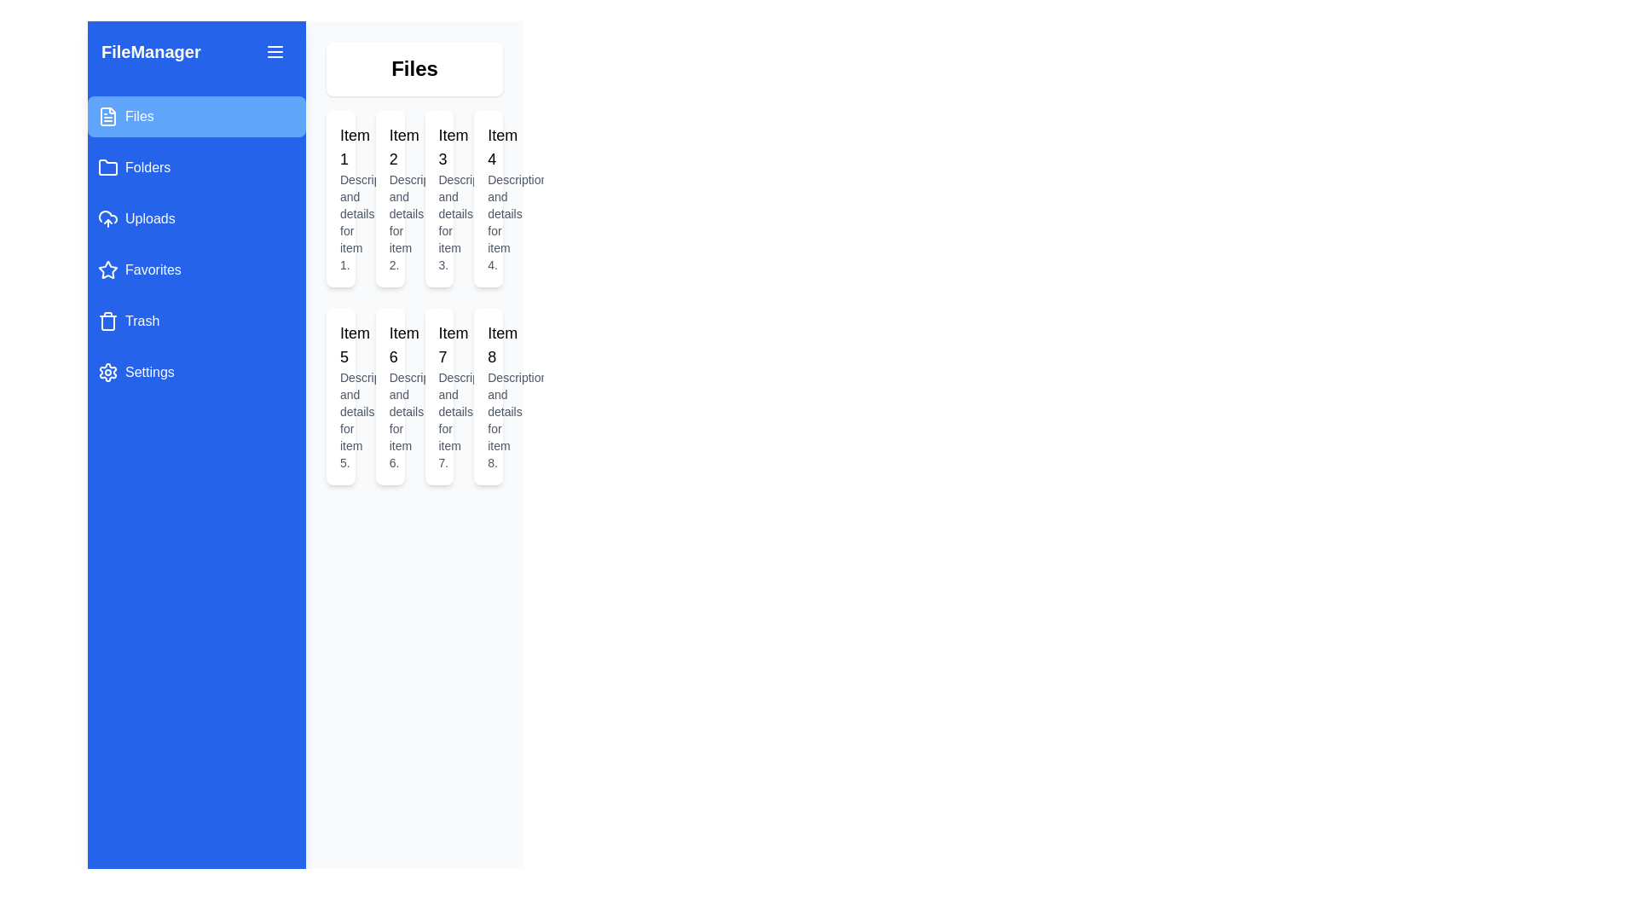  I want to click on the 'Folders' button with a blue background located in the second position of the vertical list in the left sidebar, so click(196, 167).